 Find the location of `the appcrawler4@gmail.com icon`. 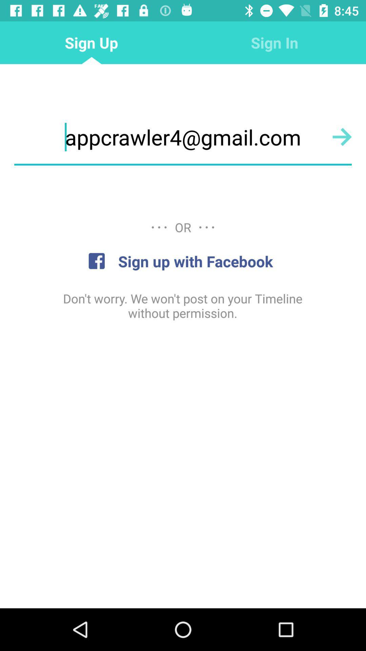

the appcrawler4@gmail.com icon is located at coordinates (183, 137).